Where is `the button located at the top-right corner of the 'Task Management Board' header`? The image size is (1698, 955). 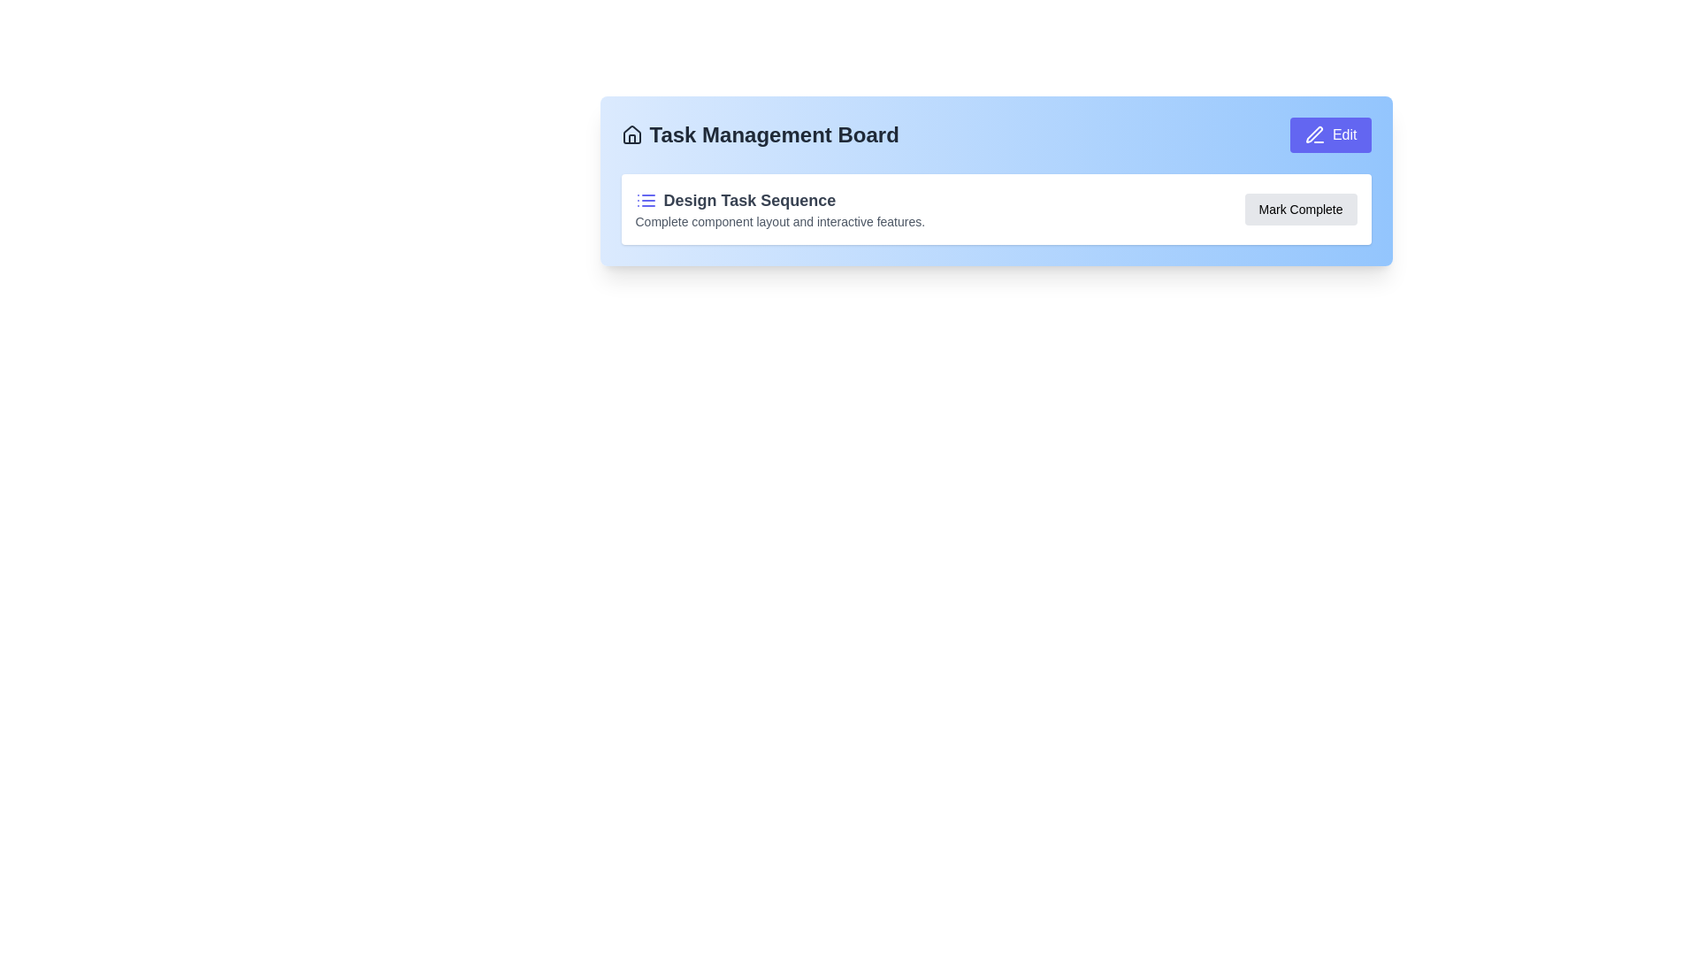
the button located at the top-right corner of the 'Task Management Board' header is located at coordinates (1330, 134).